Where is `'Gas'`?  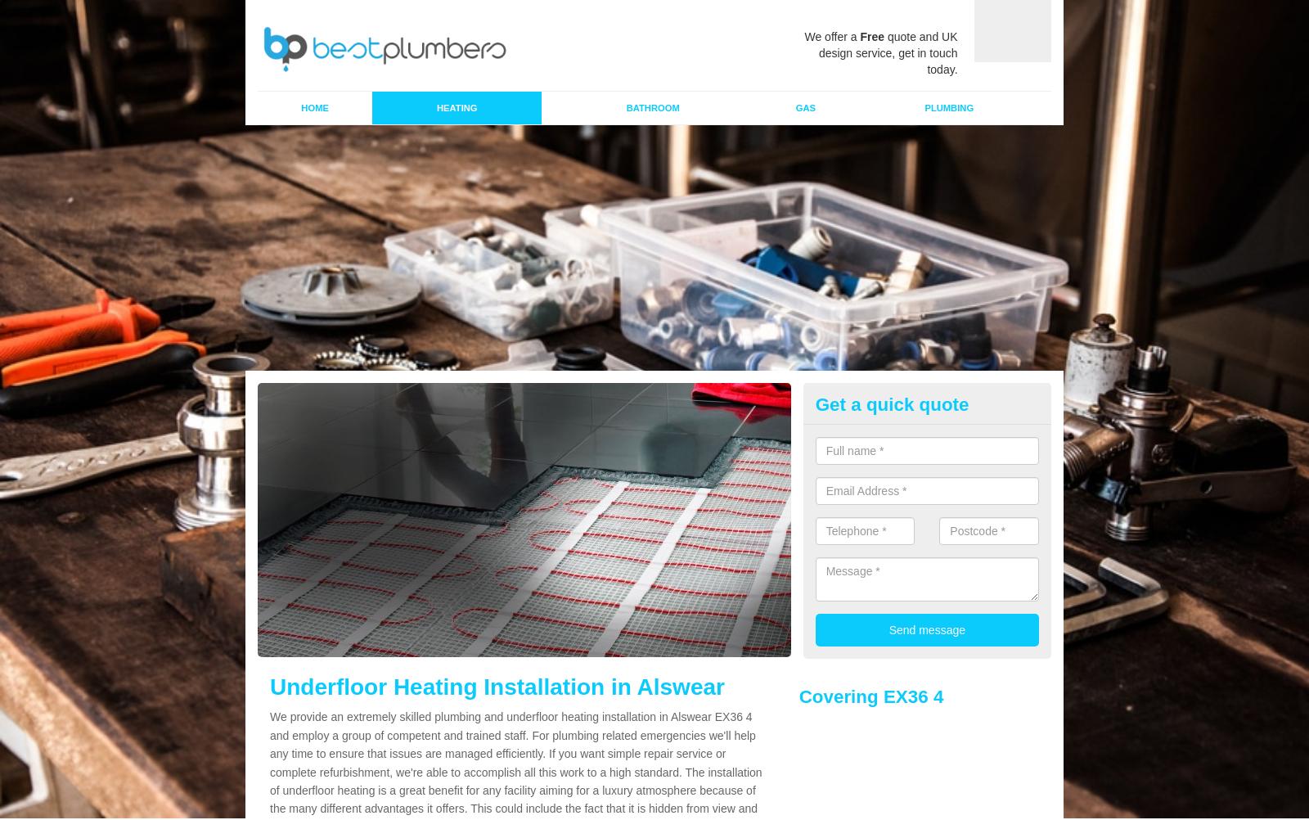 'Gas' is located at coordinates (804, 106).